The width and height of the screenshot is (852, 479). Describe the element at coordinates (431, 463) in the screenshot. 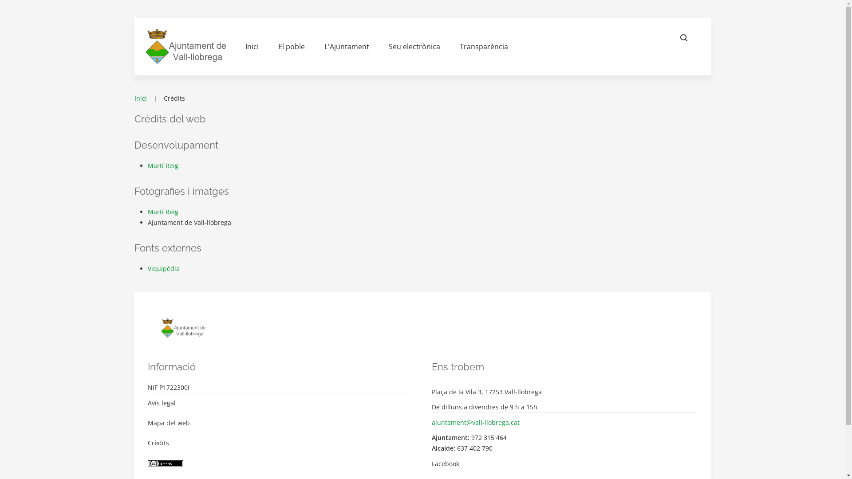

I see `'Facebook'` at that location.